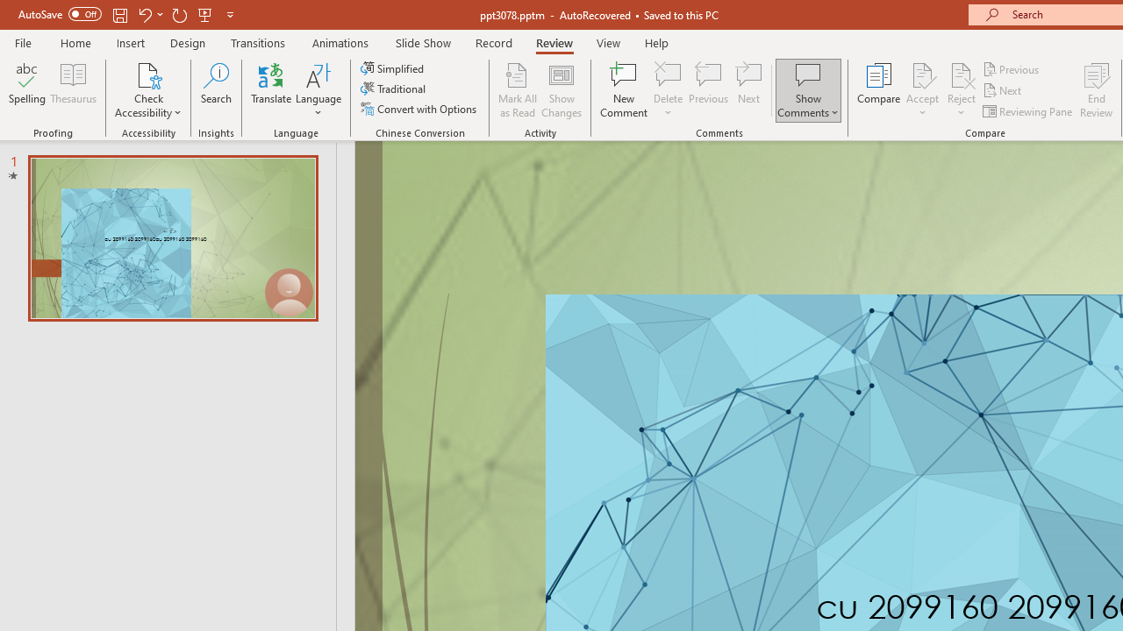  What do you see at coordinates (921, 90) in the screenshot?
I see `'Accept'` at bounding box center [921, 90].